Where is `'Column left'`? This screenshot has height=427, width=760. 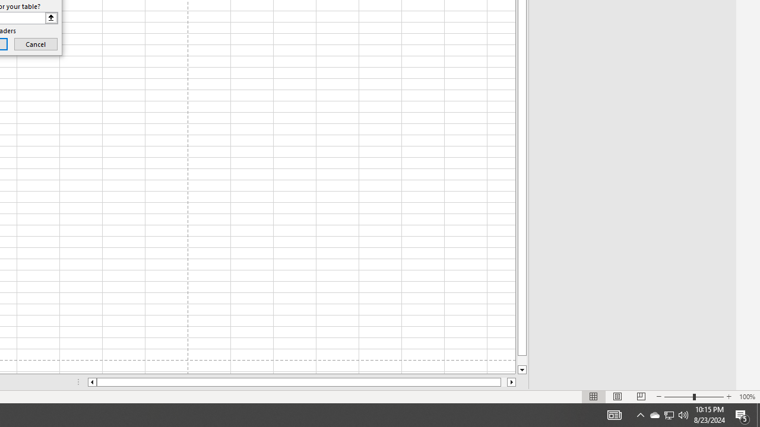 'Column left' is located at coordinates (91, 382).